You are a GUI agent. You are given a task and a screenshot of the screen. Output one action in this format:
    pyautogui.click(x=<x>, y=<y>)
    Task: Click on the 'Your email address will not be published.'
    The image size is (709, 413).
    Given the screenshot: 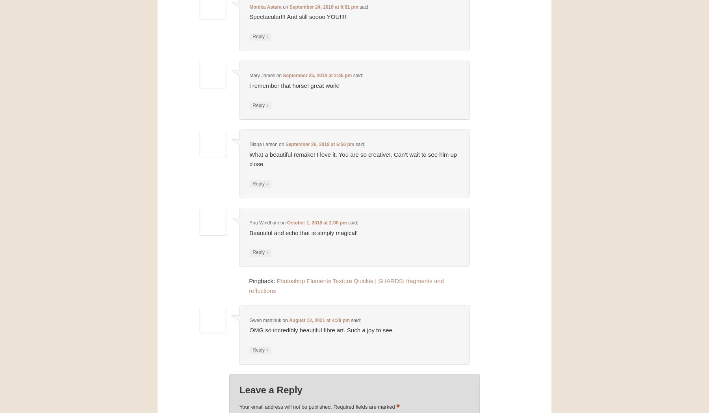 What is the action you would take?
    pyautogui.click(x=285, y=406)
    